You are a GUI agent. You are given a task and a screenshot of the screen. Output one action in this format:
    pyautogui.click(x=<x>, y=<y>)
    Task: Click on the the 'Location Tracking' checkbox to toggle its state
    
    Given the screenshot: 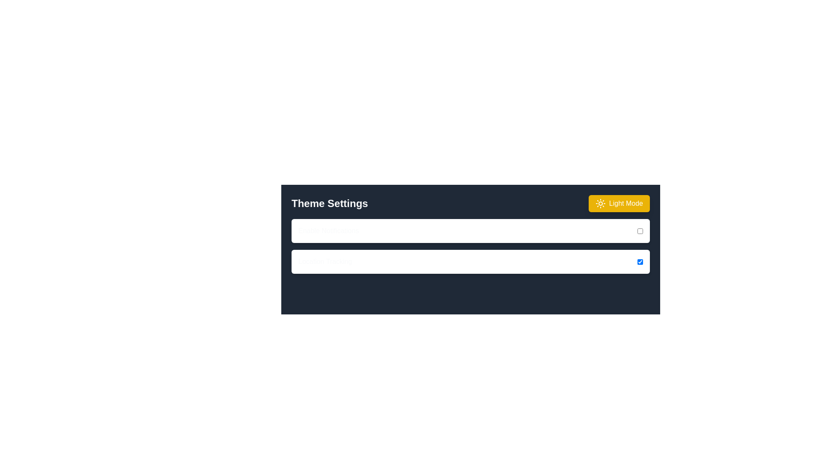 What is the action you would take?
    pyautogui.click(x=640, y=261)
    